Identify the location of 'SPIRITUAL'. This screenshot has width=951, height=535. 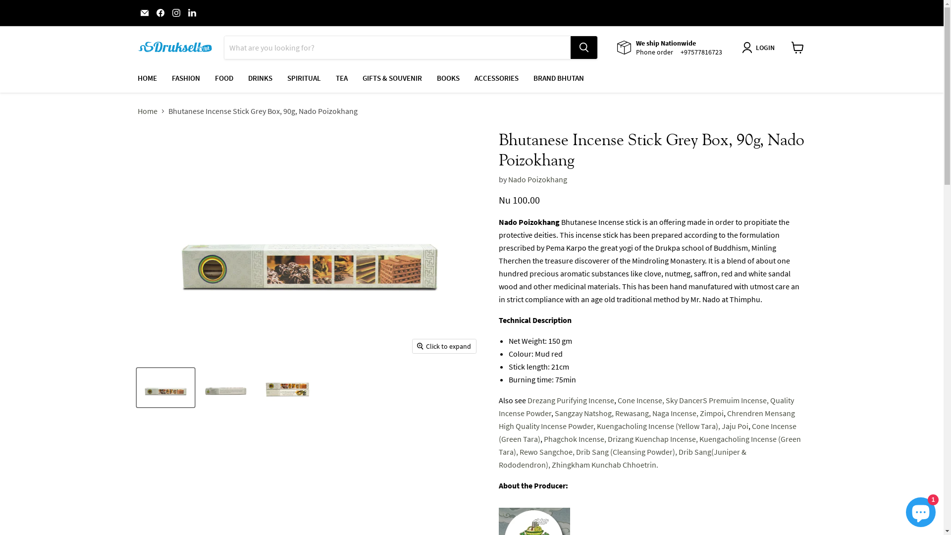
(303, 78).